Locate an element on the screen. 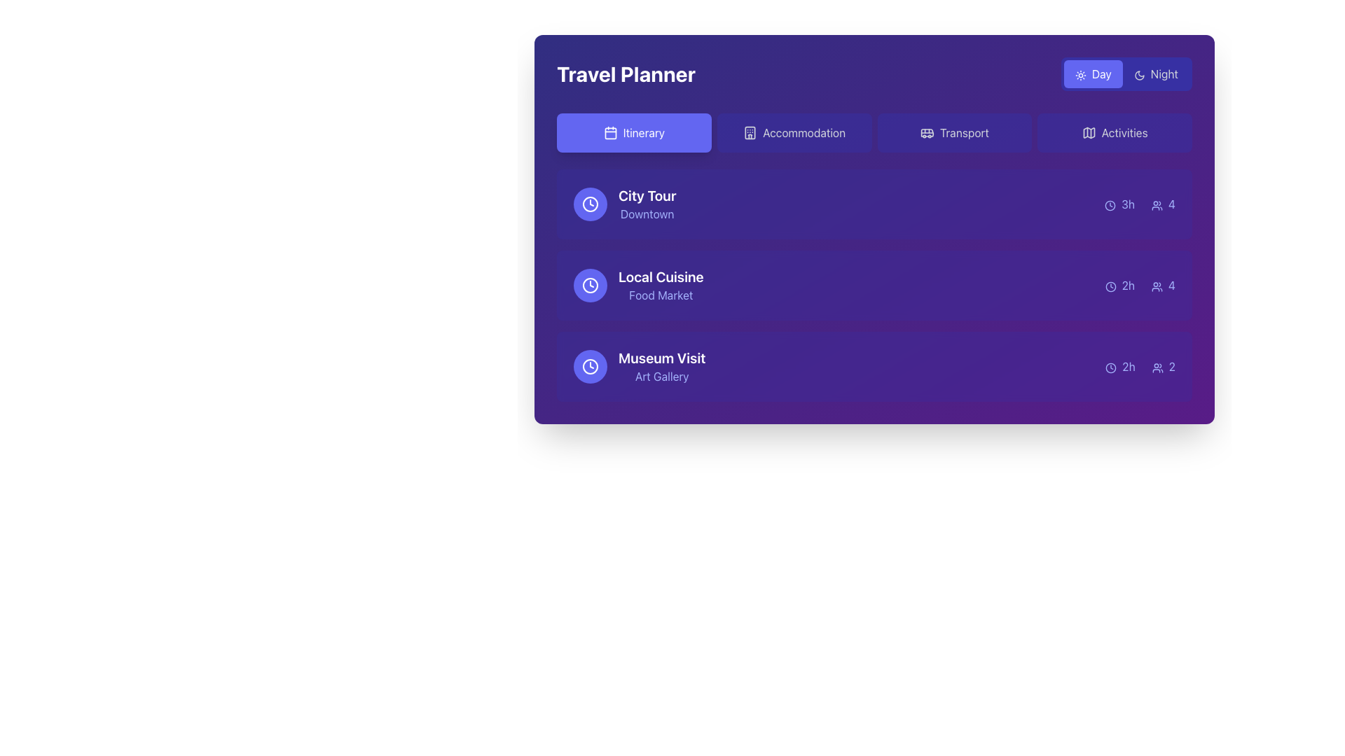  the participants icon located in the third row, adjacent to the '2h' duration and '4' participants label is located at coordinates (1157, 286).